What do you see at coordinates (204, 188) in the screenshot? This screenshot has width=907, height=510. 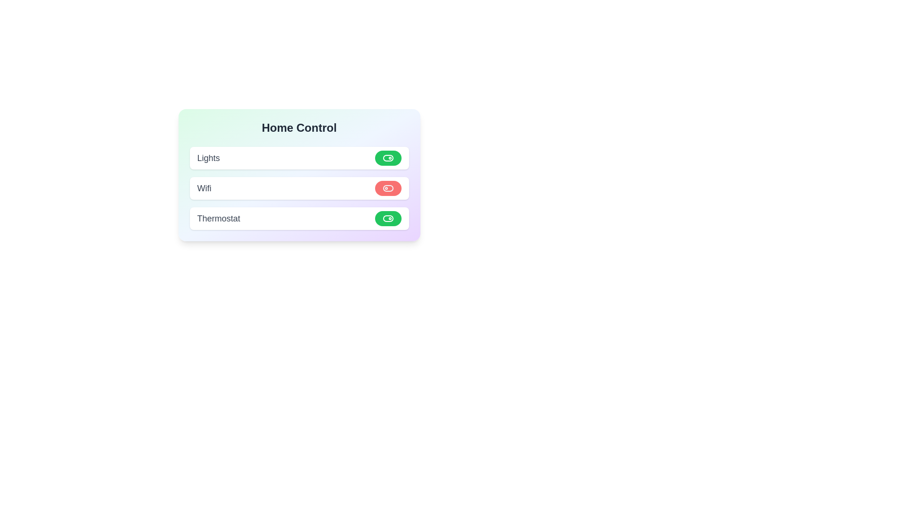 I see `the text label indicating 'wifi' in the second row of the list within a card-style layout` at bounding box center [204, 188].